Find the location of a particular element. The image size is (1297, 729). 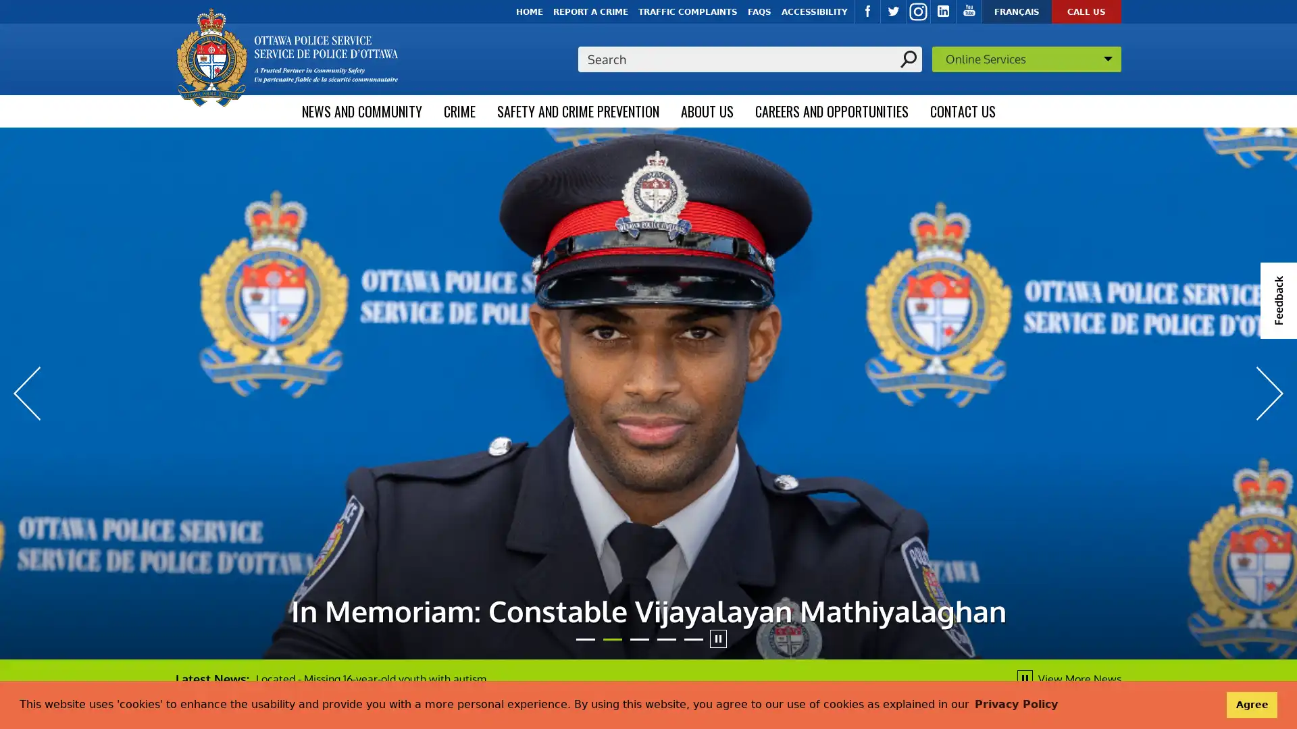

dismiss cookie message is located at coordinates (1251, 704).